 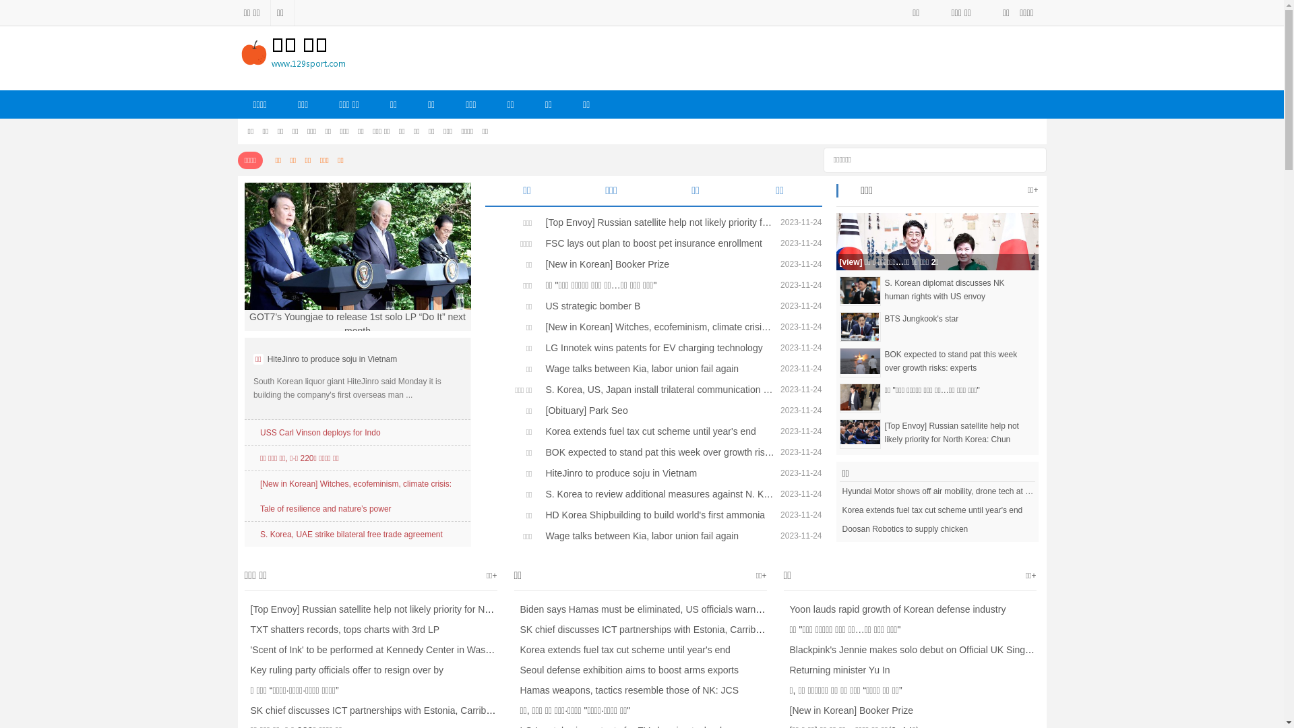 I want to click on 'HiteJinro to produce soju in Vietnam', so click(x=330, y=358).